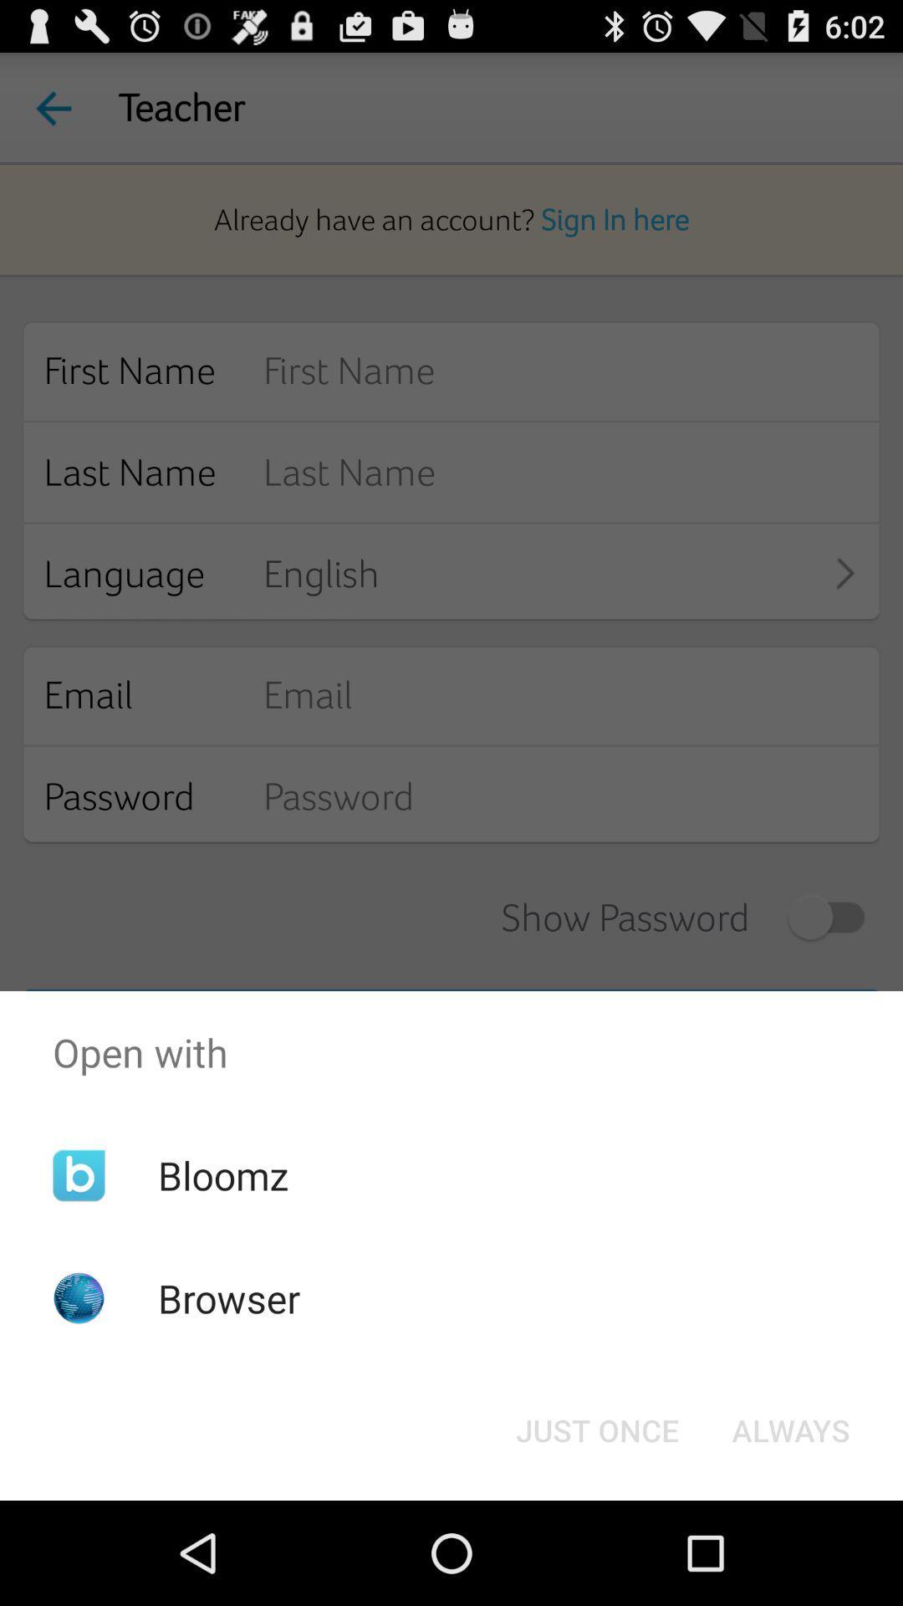  What do you see at coordinates (222, 1174) in the screenshot?
I see `icon above browser app` at bounding box center [222, 1174].